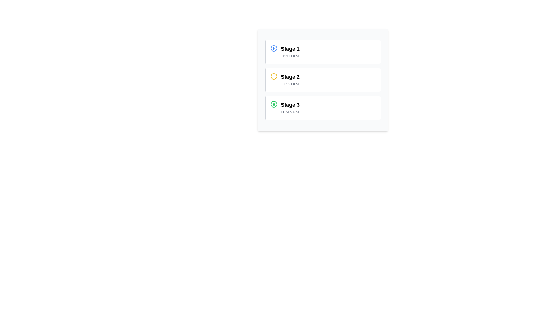 This screenshot has width=560, height=315. What do you see at coordinates (290, 84) in the screenshot?
I see `the Static Text element displaying '10:30 AM', which is located directly below 'Stage 2' in the vertically listed schedule` at bounding box center [290, 84].